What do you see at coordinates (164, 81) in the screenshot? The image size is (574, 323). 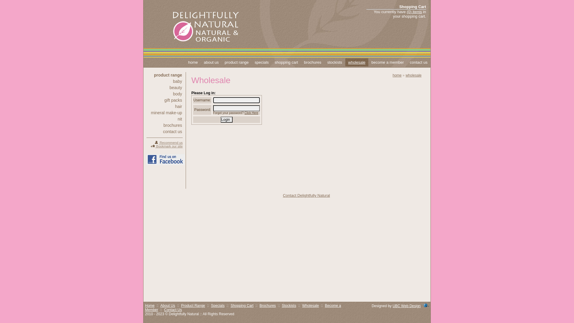 I see `'baby'` at bounding box center [164, 81].